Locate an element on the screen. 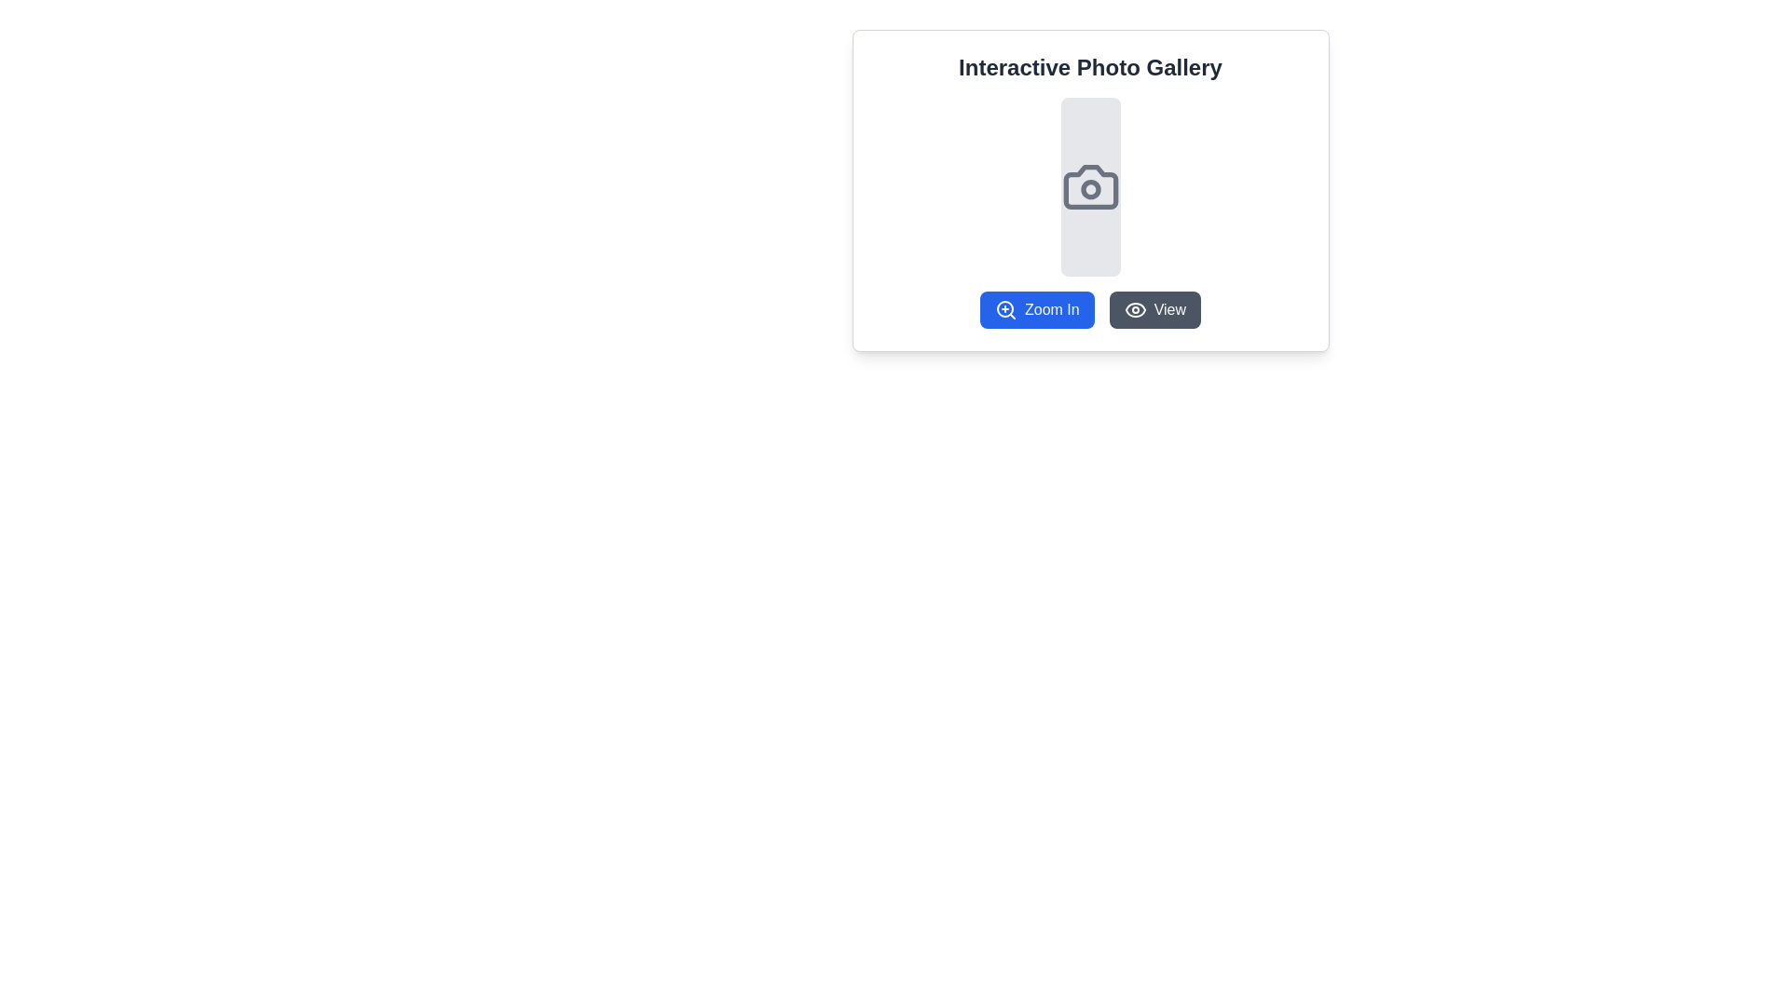  the blue 'Zoom In' button with white text and a search icon is located at coordinates (1090, 308).